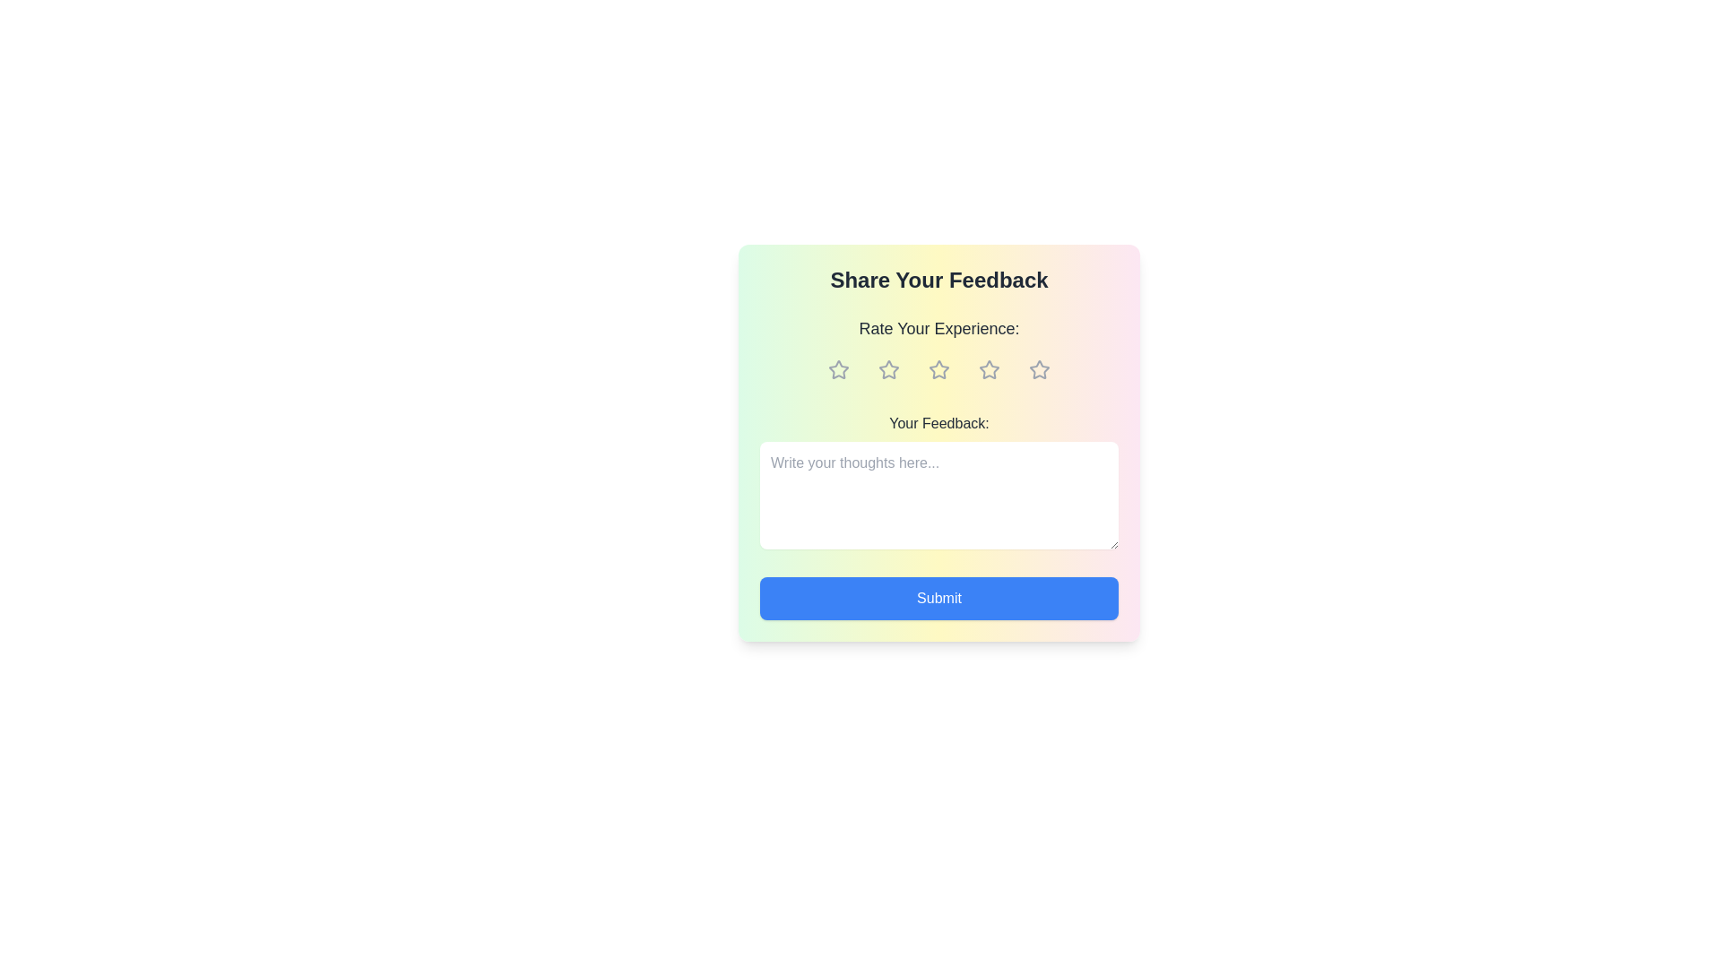 This screenshot has width=1721, height=968. Describe the element at coordinates (889, 368) in the screenshot. I see `the second star-shaped rating icon under the text 'Rate Your Experience' to rate it` at that location.